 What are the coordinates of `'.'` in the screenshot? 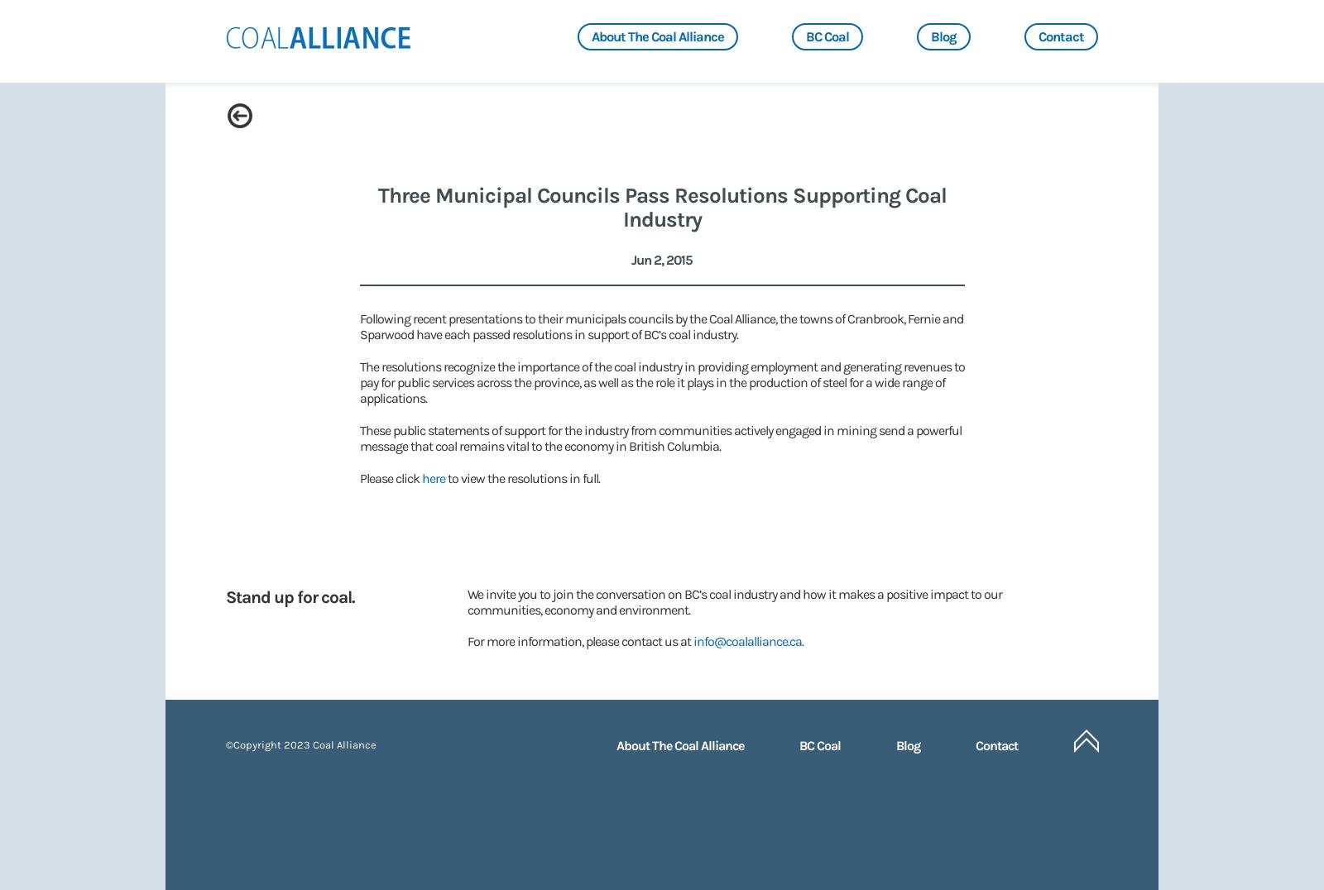 It's located at (800, 641).